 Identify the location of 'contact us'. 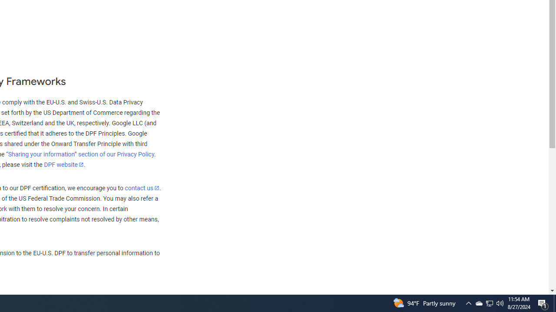
(142, 187).